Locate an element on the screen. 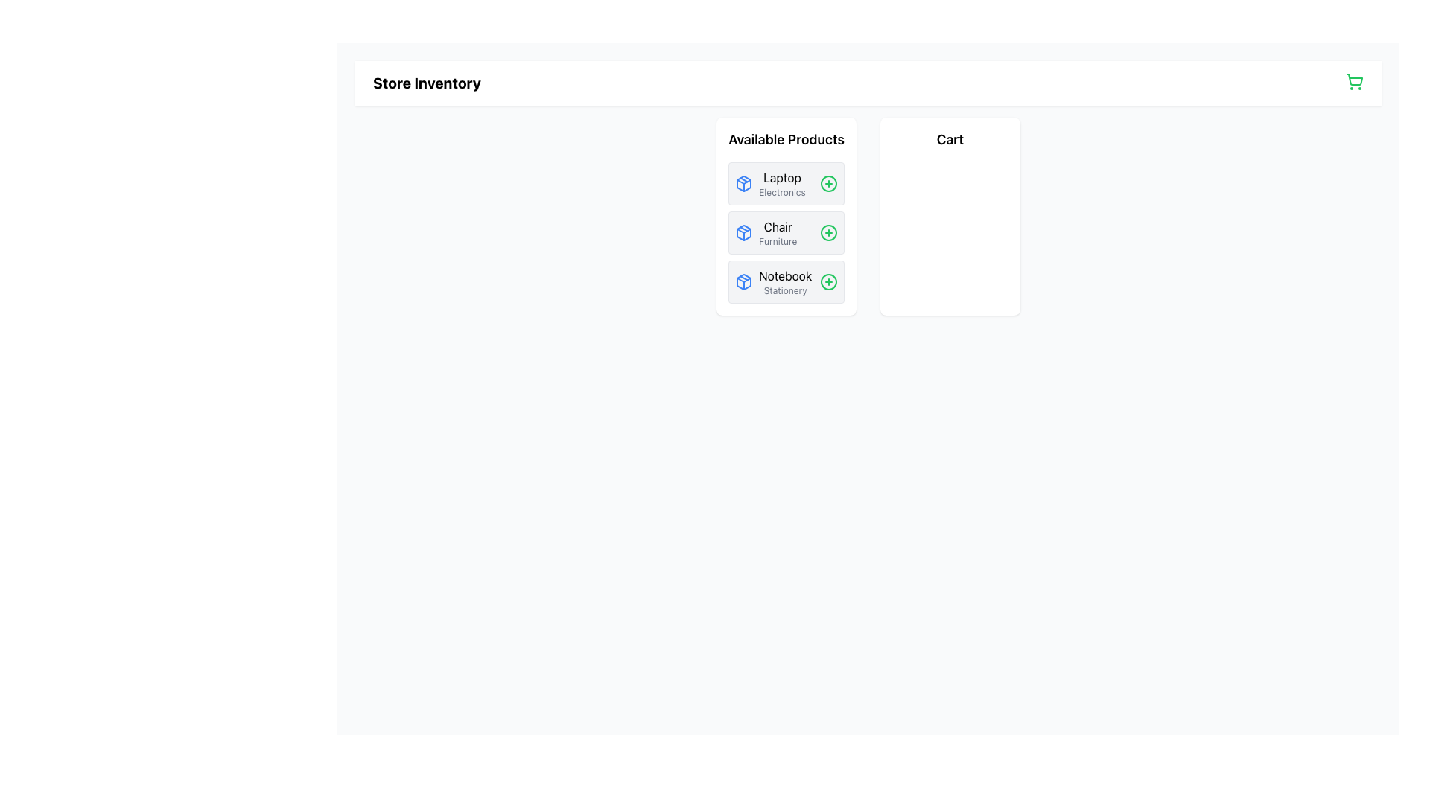  the product listing label for 'Notebook' under the 'Available Products' section is located at coordinates (773, 281).